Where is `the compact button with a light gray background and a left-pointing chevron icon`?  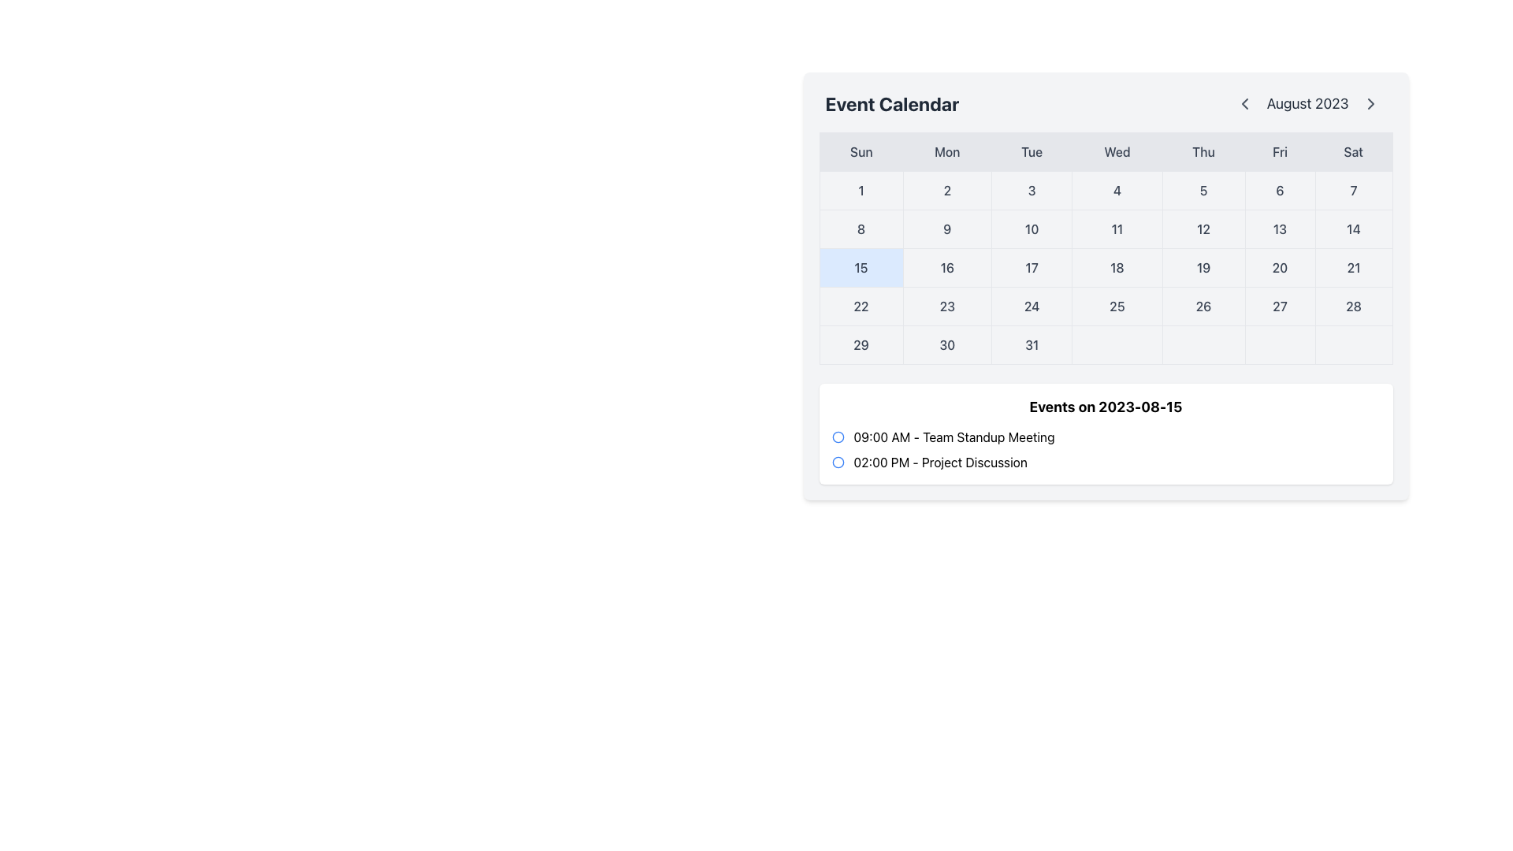 the compact button with a light gray background and a left-pointing chevron icon is located at coordinates (1243, 103).